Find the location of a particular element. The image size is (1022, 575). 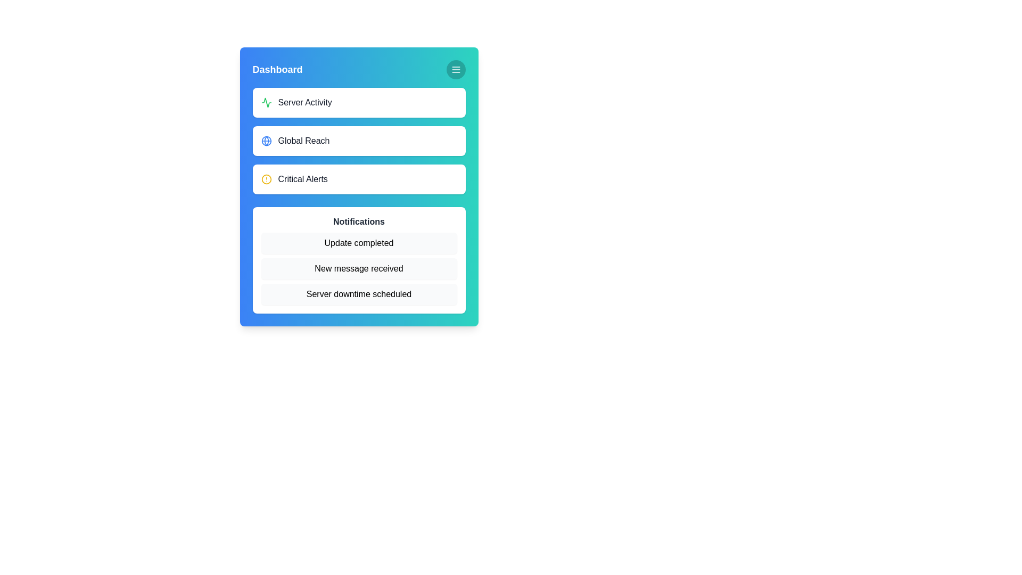

notifications displayed on the Informational Card located in the lower half of the Dashboard, below the Server Activity, Global Reach, and Critical Alerts cards is located at coordinates (359, 260).